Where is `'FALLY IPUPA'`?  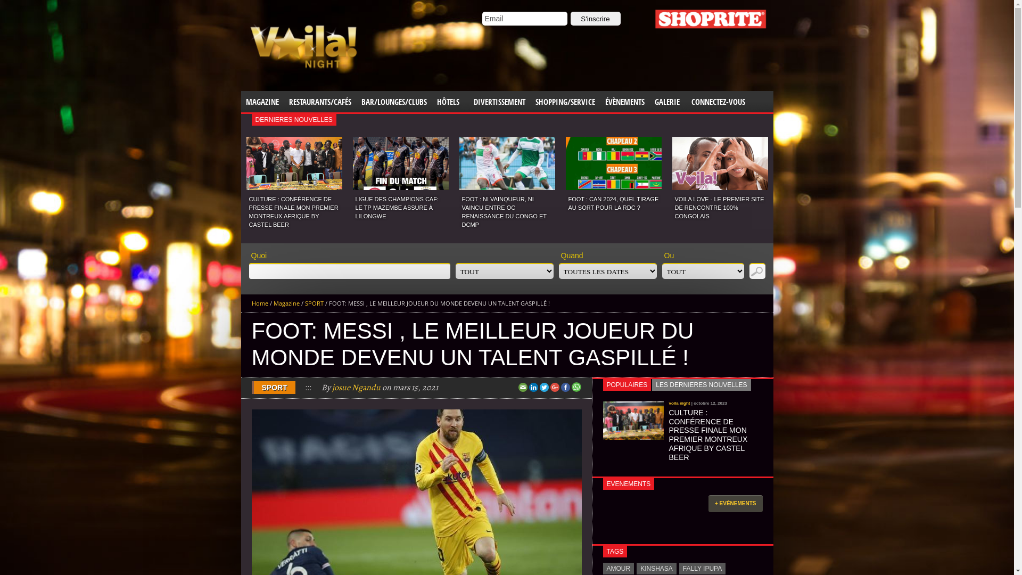 'FALLY IPUPA' is located at coordinates (702, 568).